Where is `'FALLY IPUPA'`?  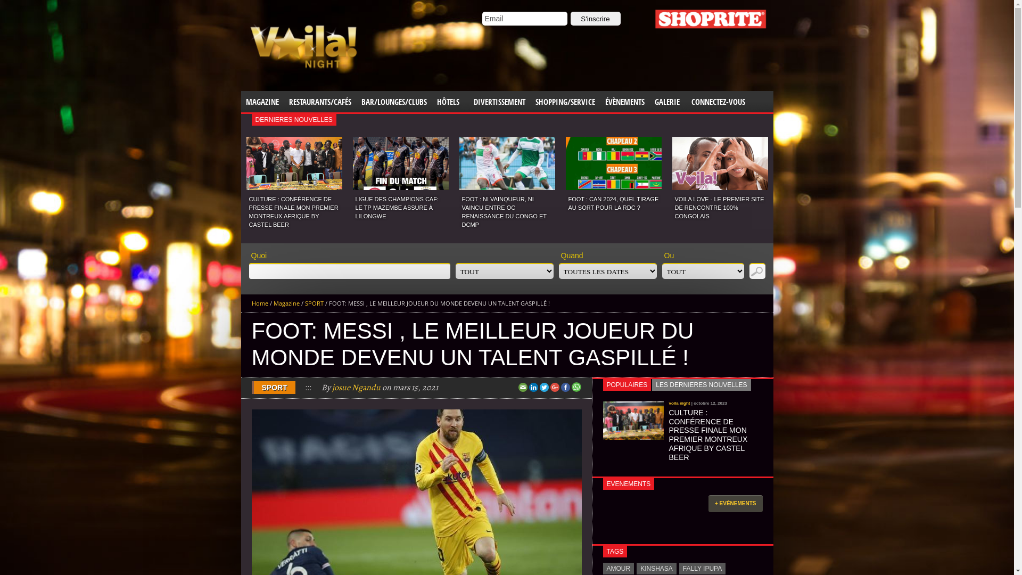 'FALLY IPUPA' is located at coordinates (702, 568).